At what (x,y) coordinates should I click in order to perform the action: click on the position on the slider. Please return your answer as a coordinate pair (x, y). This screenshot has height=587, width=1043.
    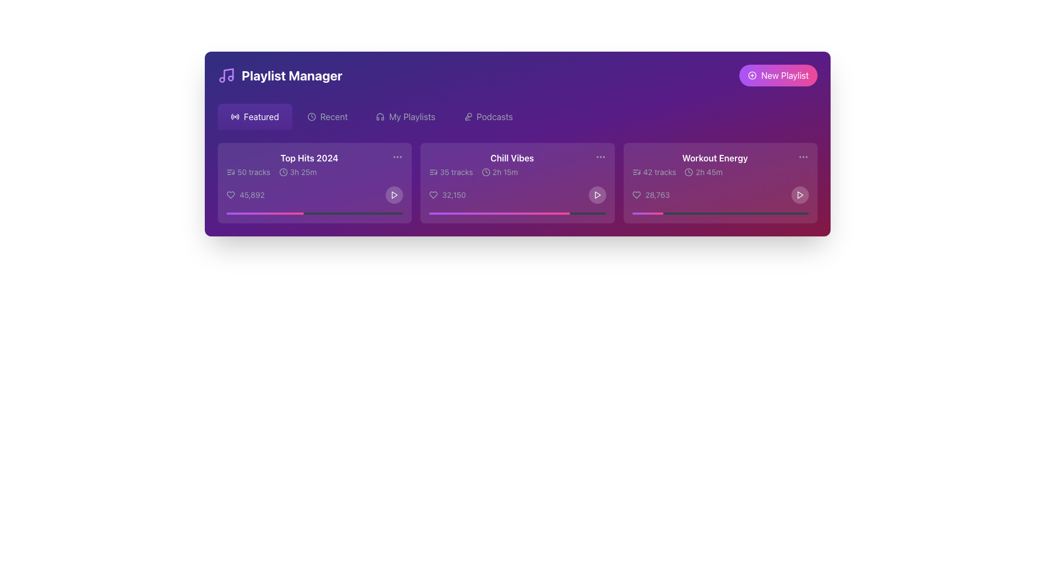
    Looking at the image, I should click on (431, 214).